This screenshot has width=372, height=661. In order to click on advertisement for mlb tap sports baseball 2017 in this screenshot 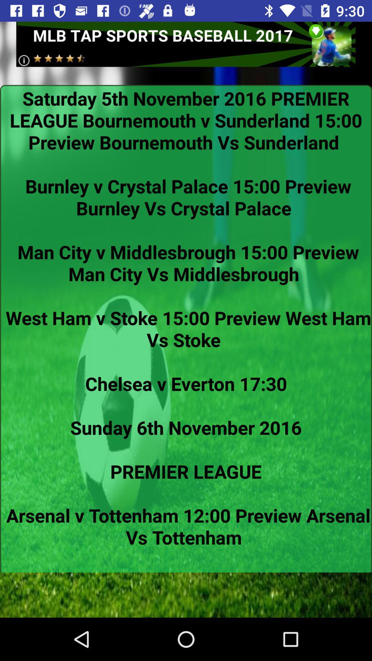, I will do `click(185, 44)`.